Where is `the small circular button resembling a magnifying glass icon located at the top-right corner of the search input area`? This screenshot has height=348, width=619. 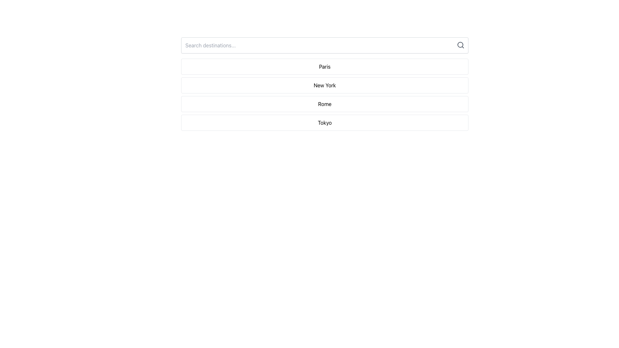
the small circular button resembling a magnifying glass icon located at the top-right corner of the search input area is located at coordinates (460, 44).